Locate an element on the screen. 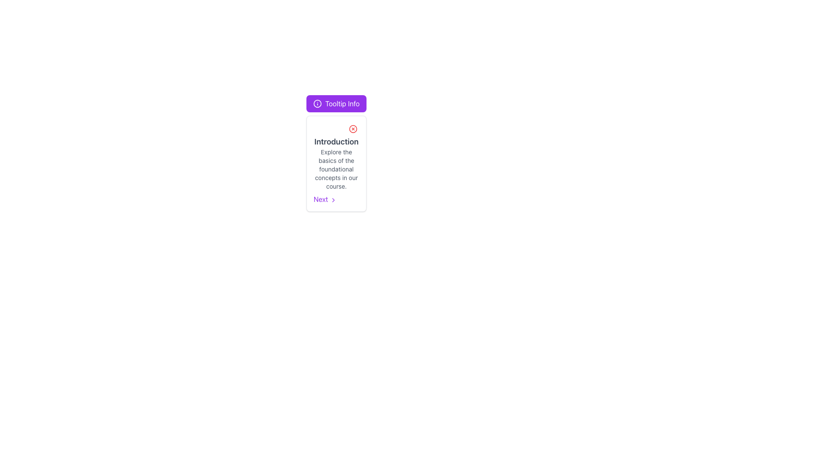  the navigation button located at the bottom-right part of the white card component containing an 'Introduction' title to trigger a visual response is located at coordinates (336, 199).